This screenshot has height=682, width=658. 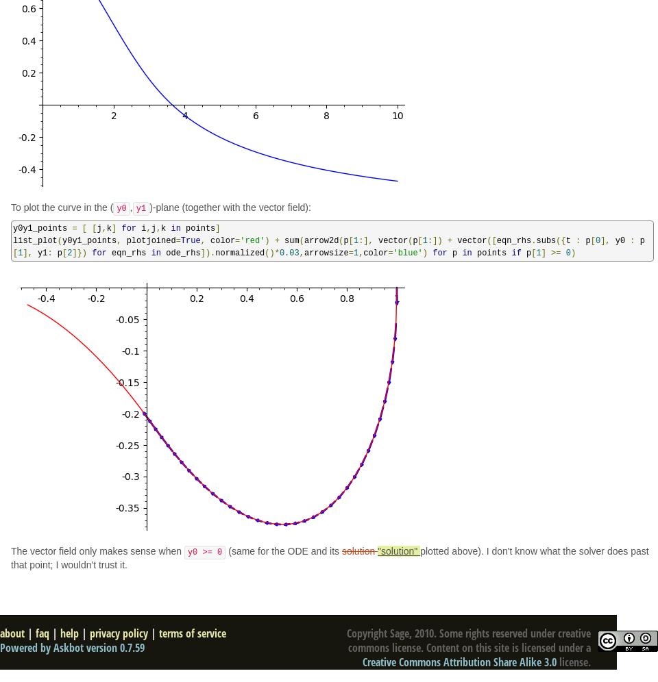 What do you see at coordinates (72, 648) in the screenshot?
I see `'Powered by Askbot version 0.7.59'` at bounding box center [72, 648].